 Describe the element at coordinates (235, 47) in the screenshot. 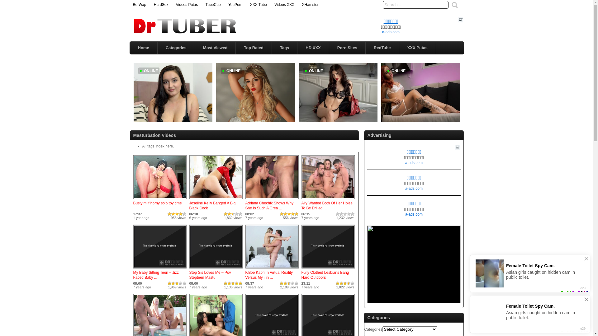

I see `'Top Rated'` at that location.